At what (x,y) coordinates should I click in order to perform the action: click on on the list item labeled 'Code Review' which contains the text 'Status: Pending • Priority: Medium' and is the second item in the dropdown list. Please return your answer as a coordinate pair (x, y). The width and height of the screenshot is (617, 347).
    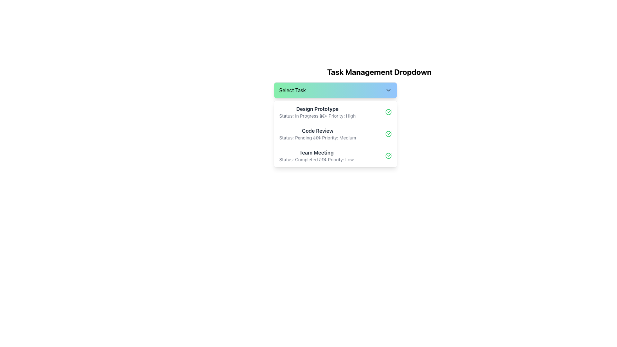
    Looking at the image, I should click on (335, 133).